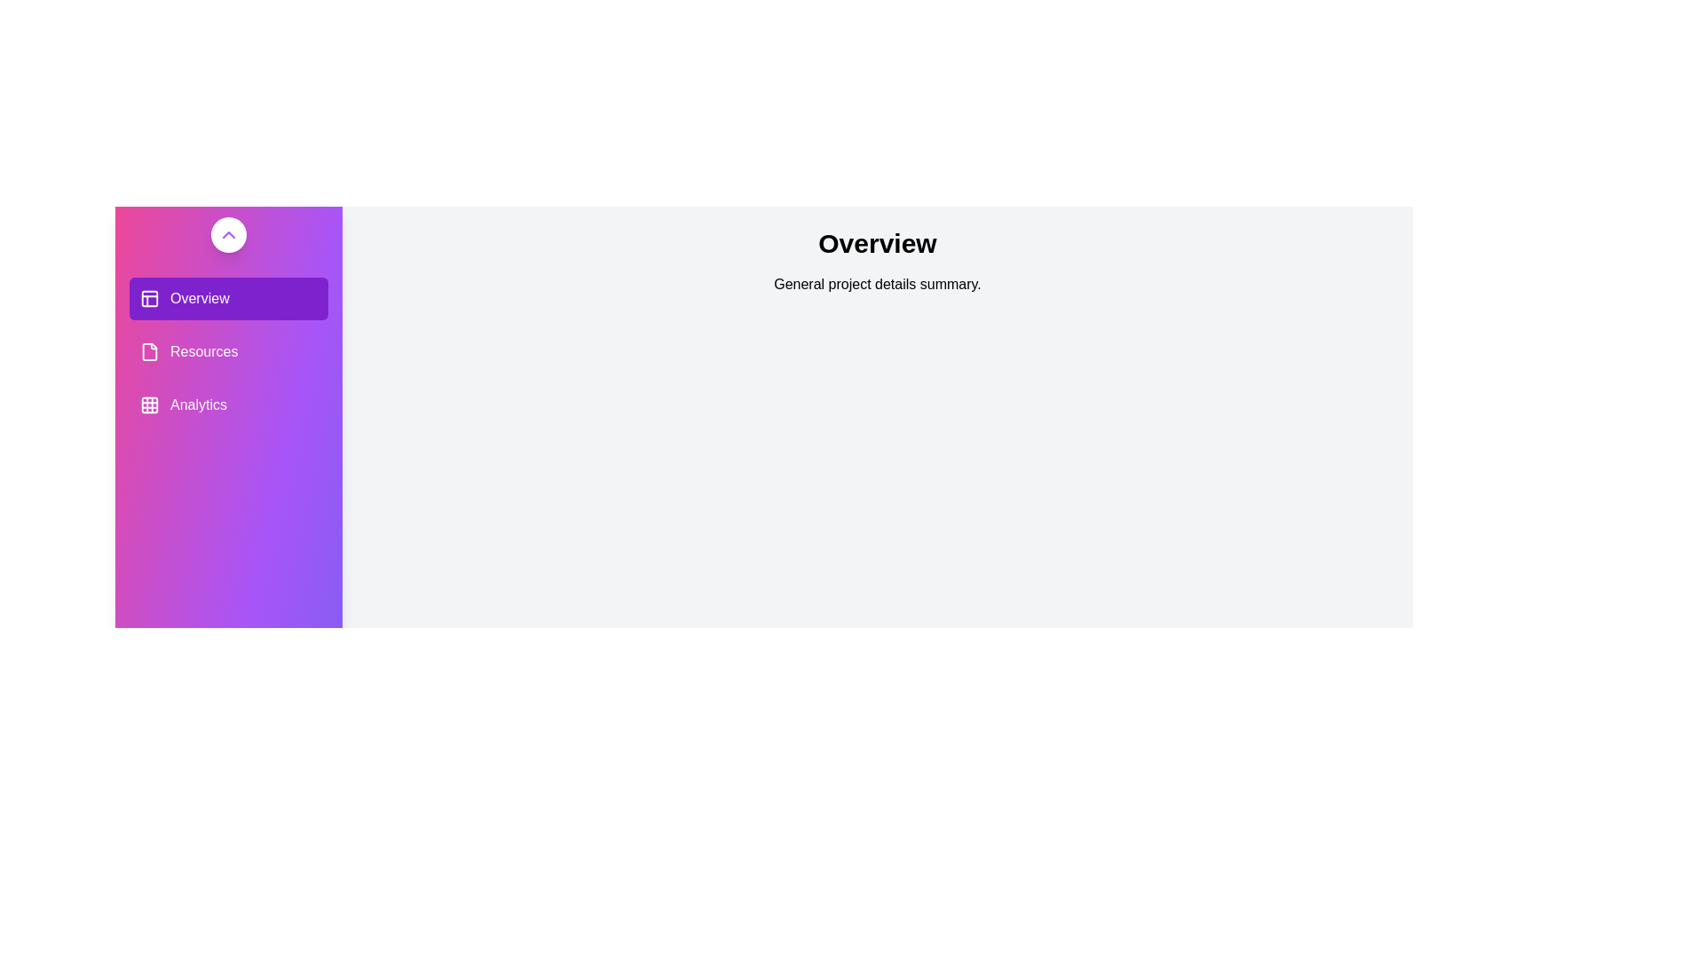 Image resolution: width=1704 pixels, height=958 pixels. I want to click on drawer toggle button to toggle its state, so click(228, 234).